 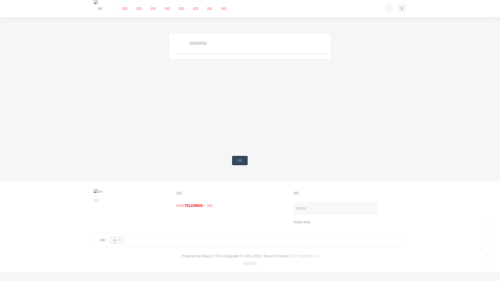 I want to click on '  ', so click(x=389, y=8).